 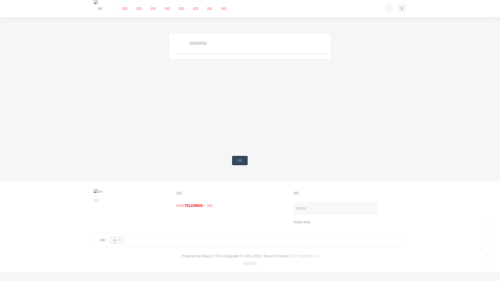 I want to click on '  ', so click(x=389, y=8).